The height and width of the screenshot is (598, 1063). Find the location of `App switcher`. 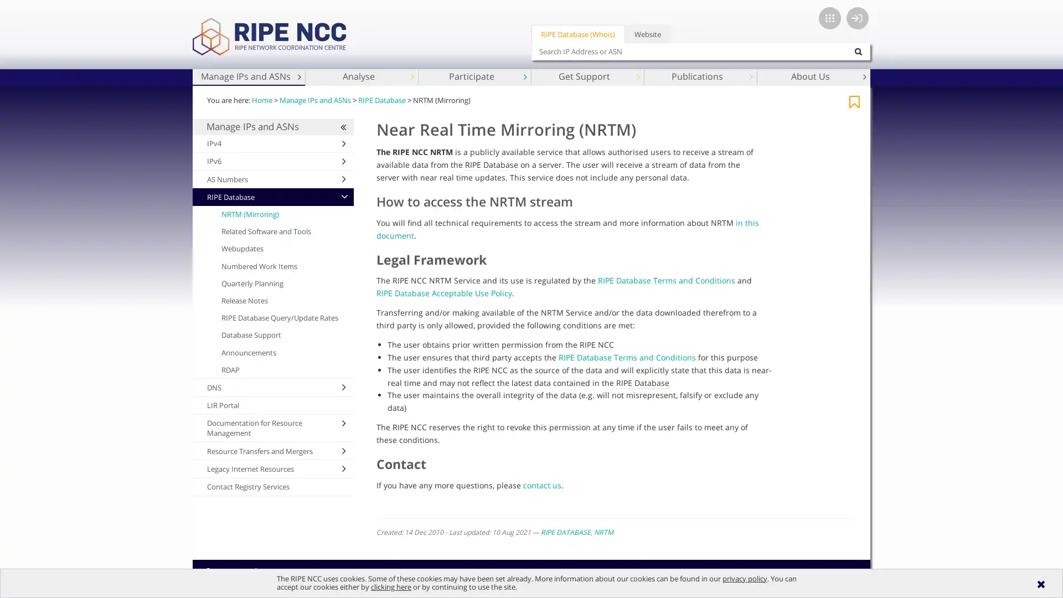

App switcher is located at coordinates (829, 18).